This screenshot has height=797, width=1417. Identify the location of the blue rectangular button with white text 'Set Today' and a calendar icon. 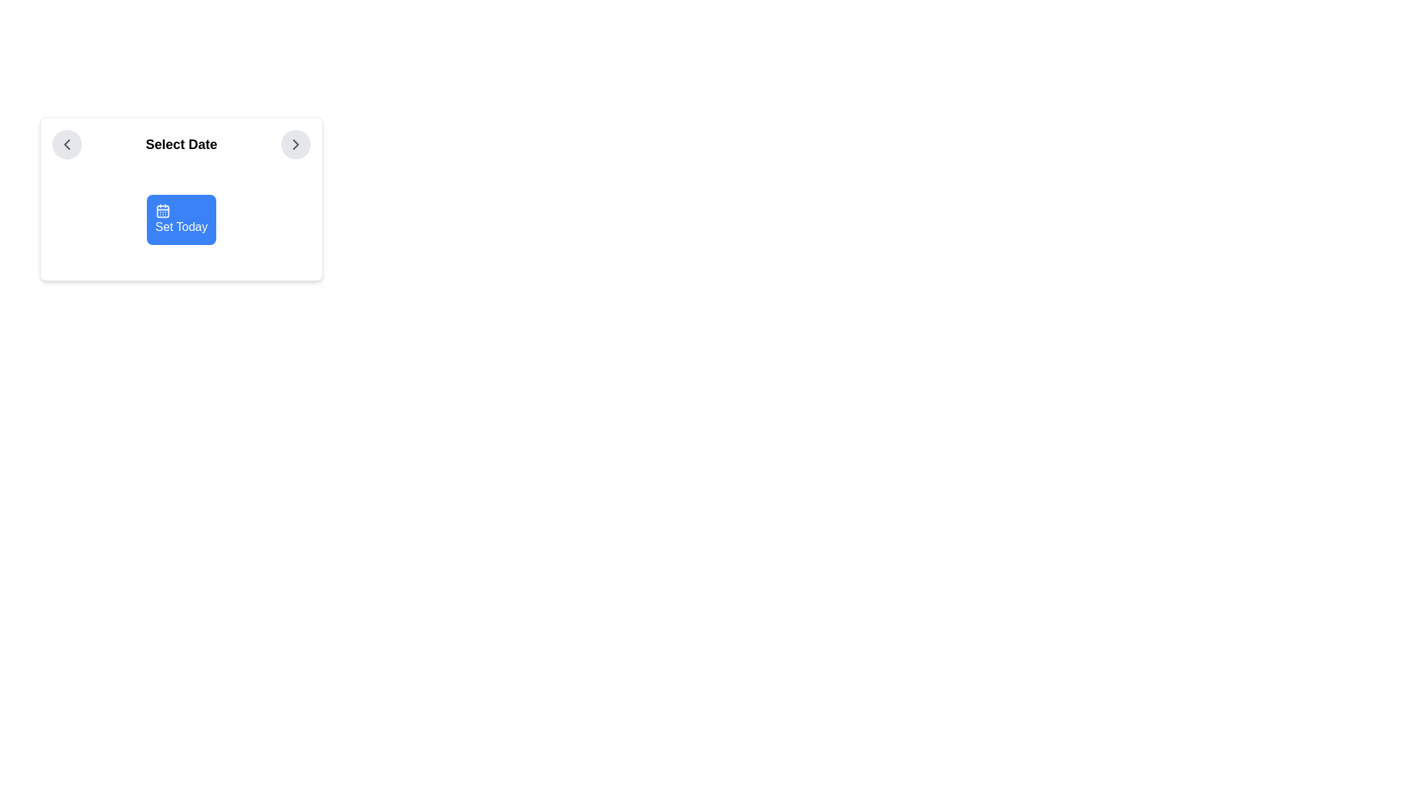
(180, 219).